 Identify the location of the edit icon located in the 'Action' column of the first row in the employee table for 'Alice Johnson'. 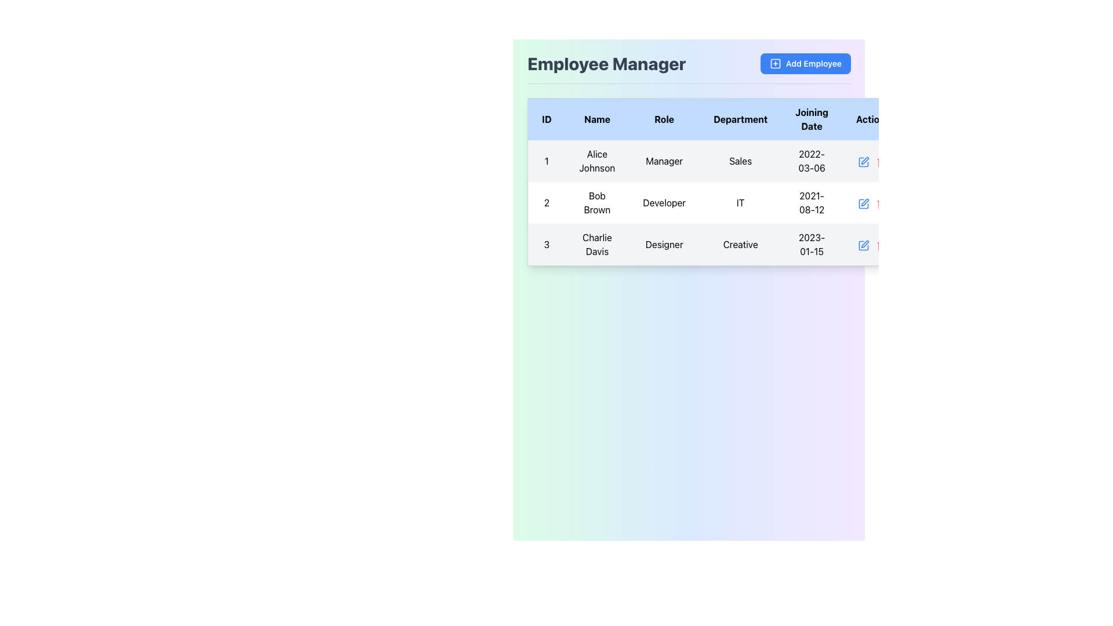
(863, 161).